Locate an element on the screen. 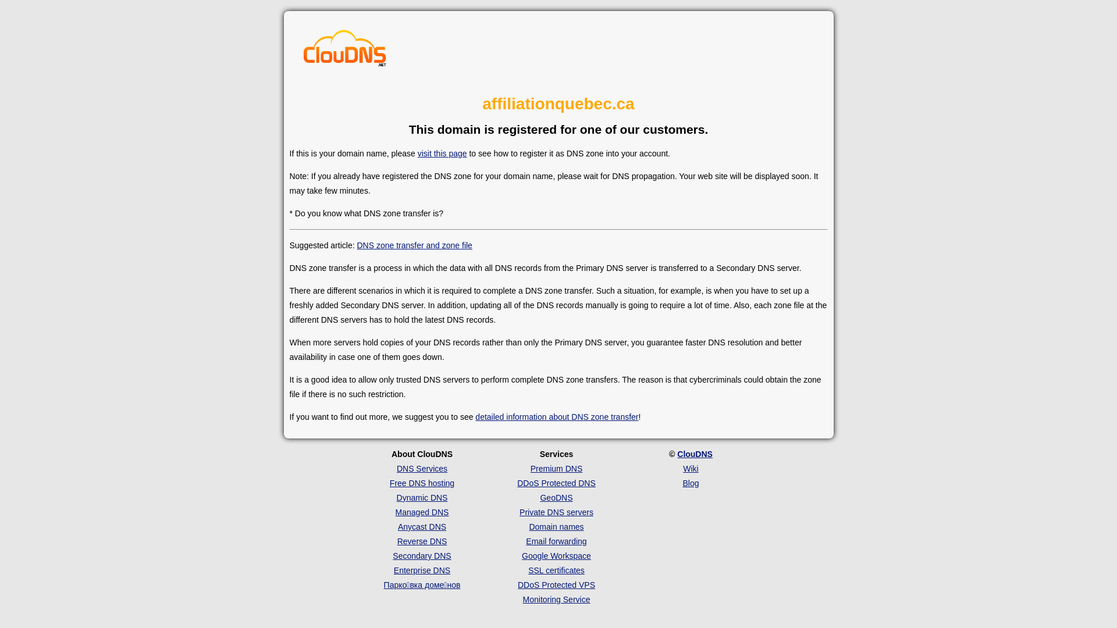  'detailed information about DNS zone transfer' is located at coordinates (556, 416).